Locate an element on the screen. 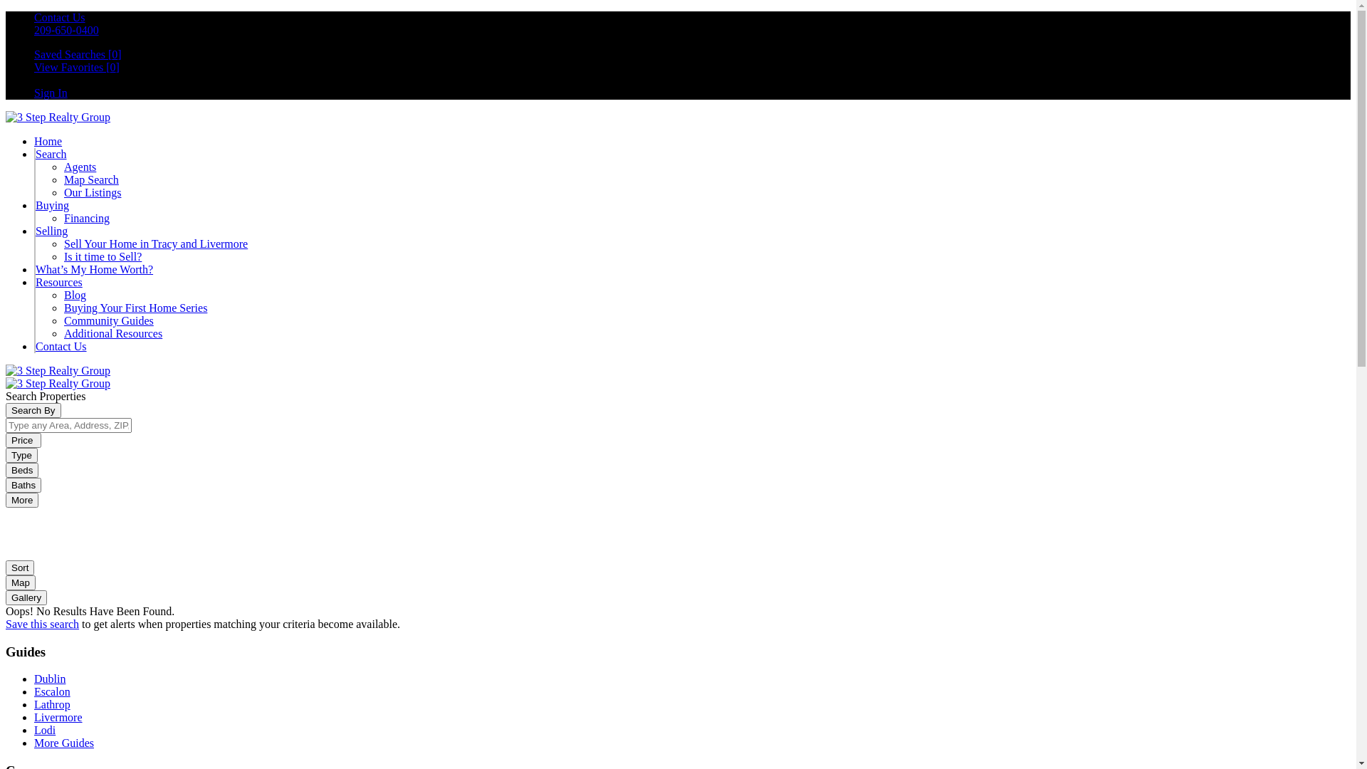 This screenshot has height=769, width=1367. 'Save this search' is located at coordinates (6, 623).